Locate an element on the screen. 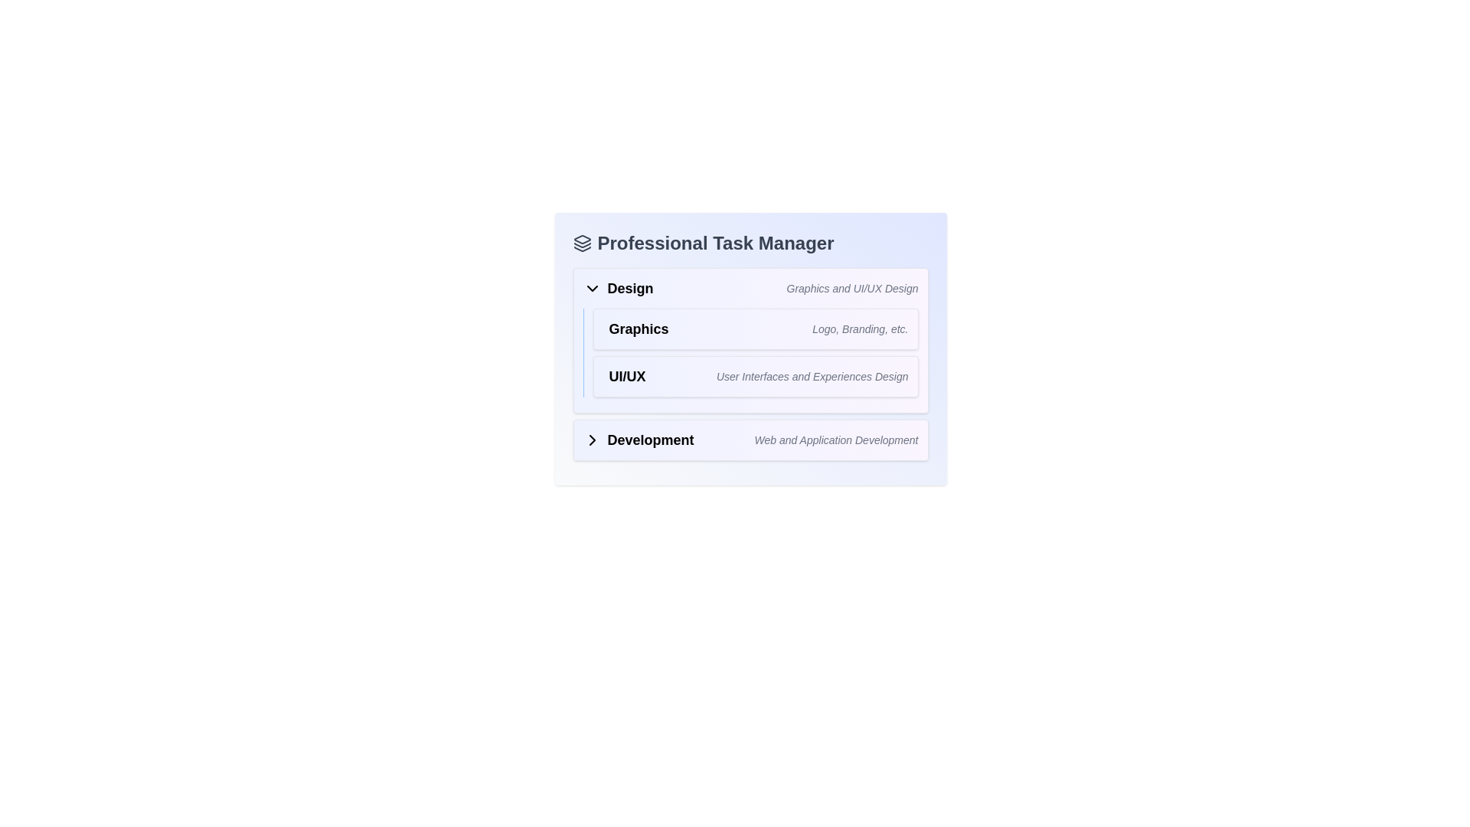  the 'UI/UX' label in the 'Graphics' section under the 'Design' category, which provides a descriptive label for a design-related subcategory is located at coordinates (756, 377).